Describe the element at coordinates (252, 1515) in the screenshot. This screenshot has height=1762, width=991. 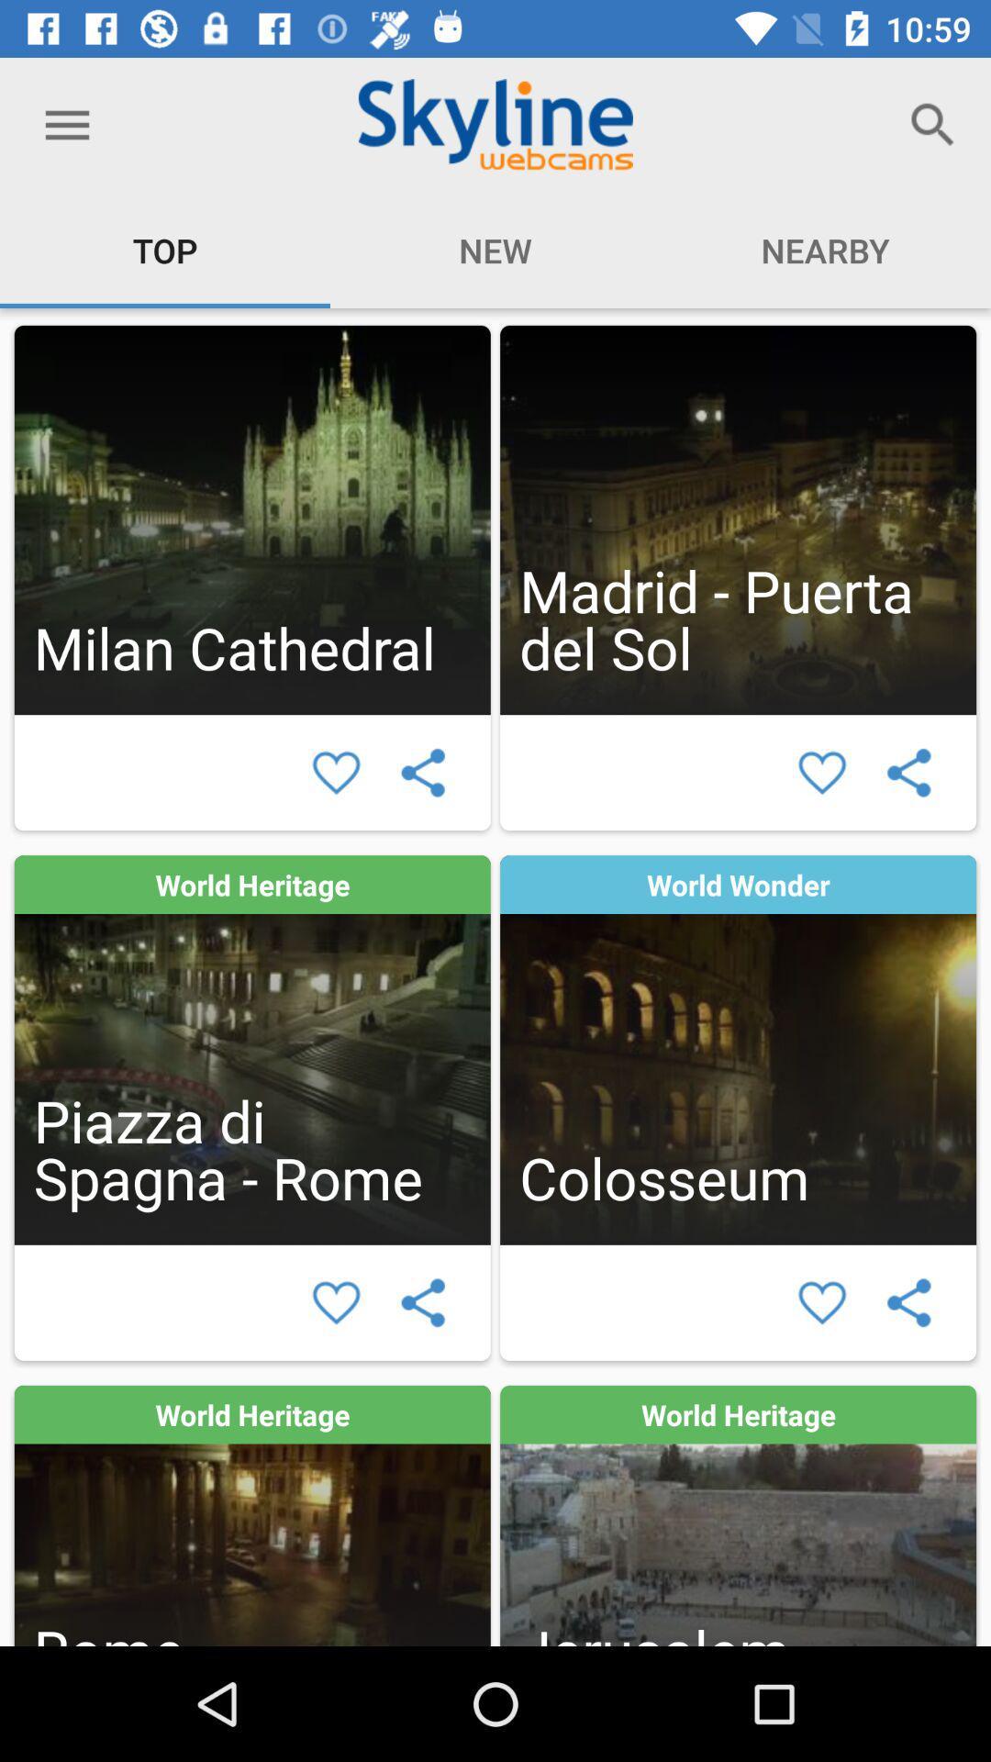
I see `clique na mdia para ver` at that location.